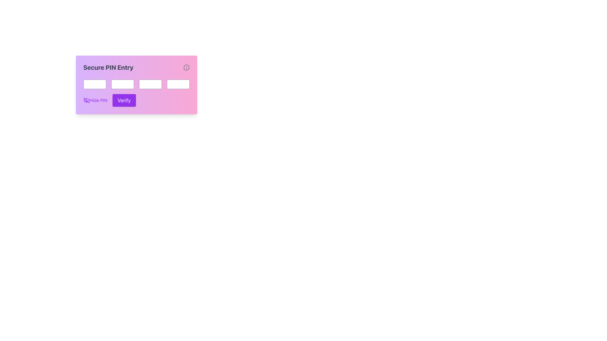  Describe the element at coordinates (136, 84) in the screenshot. I see `the third text input field of the PIN entry form to focus the input` at that location.